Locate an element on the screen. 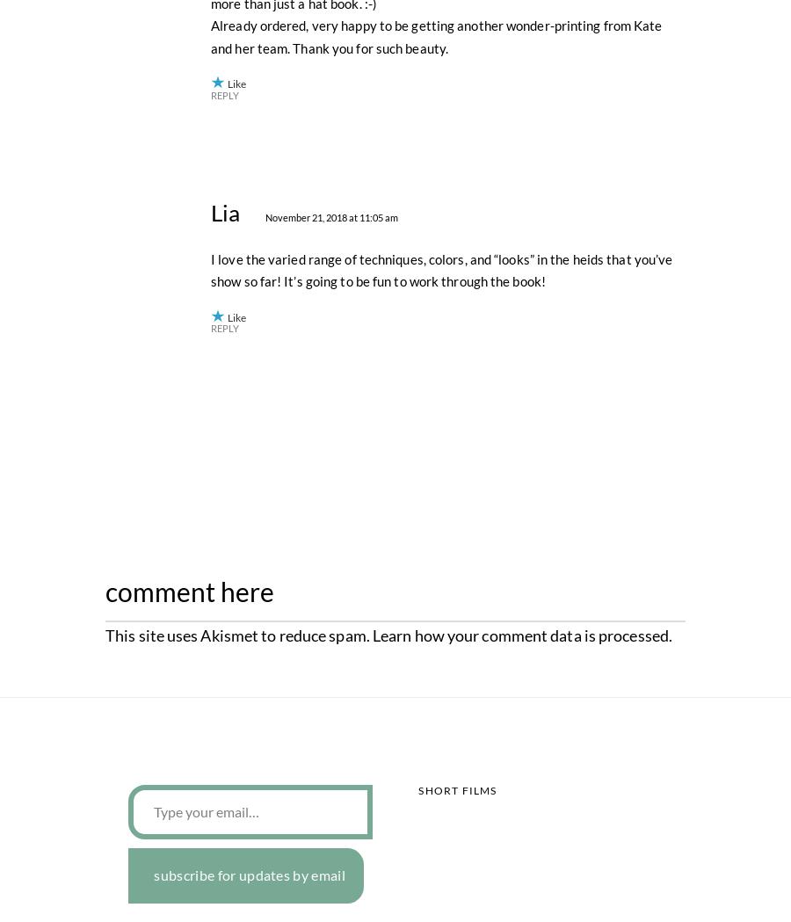 This screenshot has height=922, width=791. 'I love the varied range of techniques, colors, and “looks” in the heids that you’ve show so far!  It’s going to be fun to work through the book!' is located at coordinates (440, 655).